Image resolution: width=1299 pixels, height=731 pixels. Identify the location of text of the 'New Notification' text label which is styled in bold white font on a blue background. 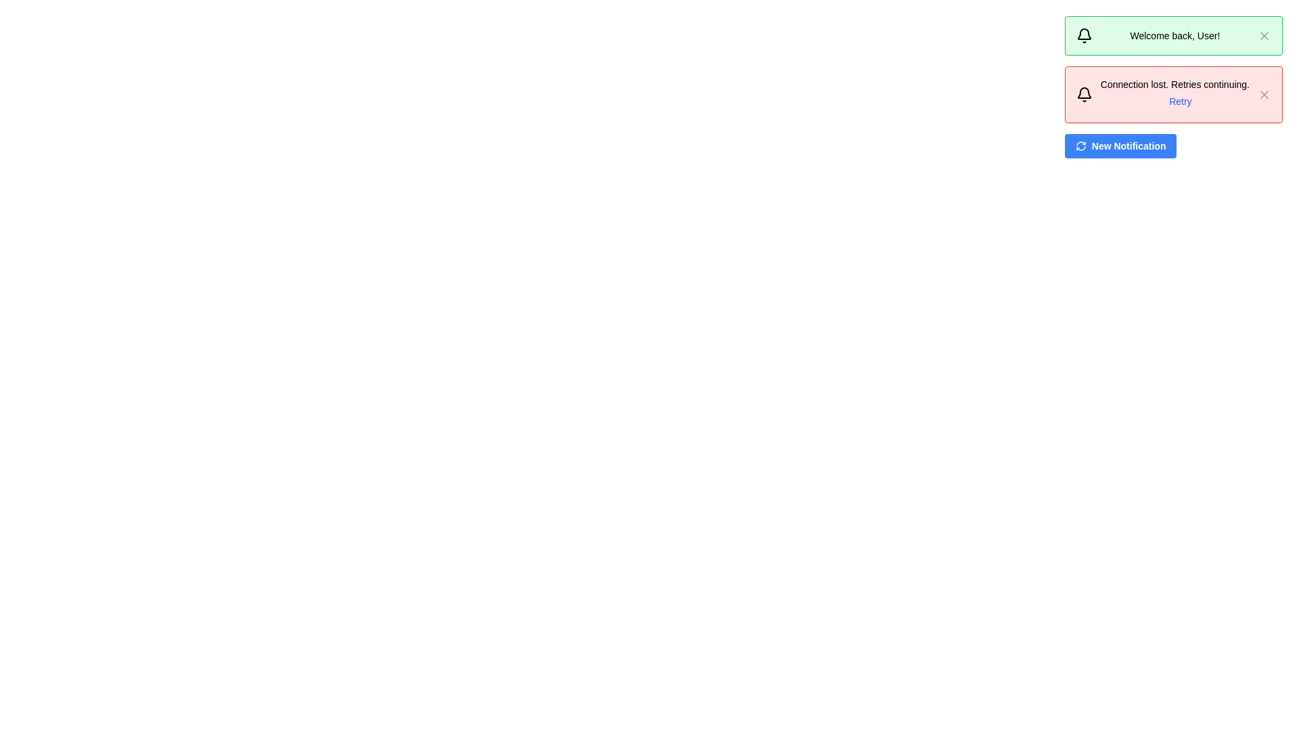
(1129, 146).